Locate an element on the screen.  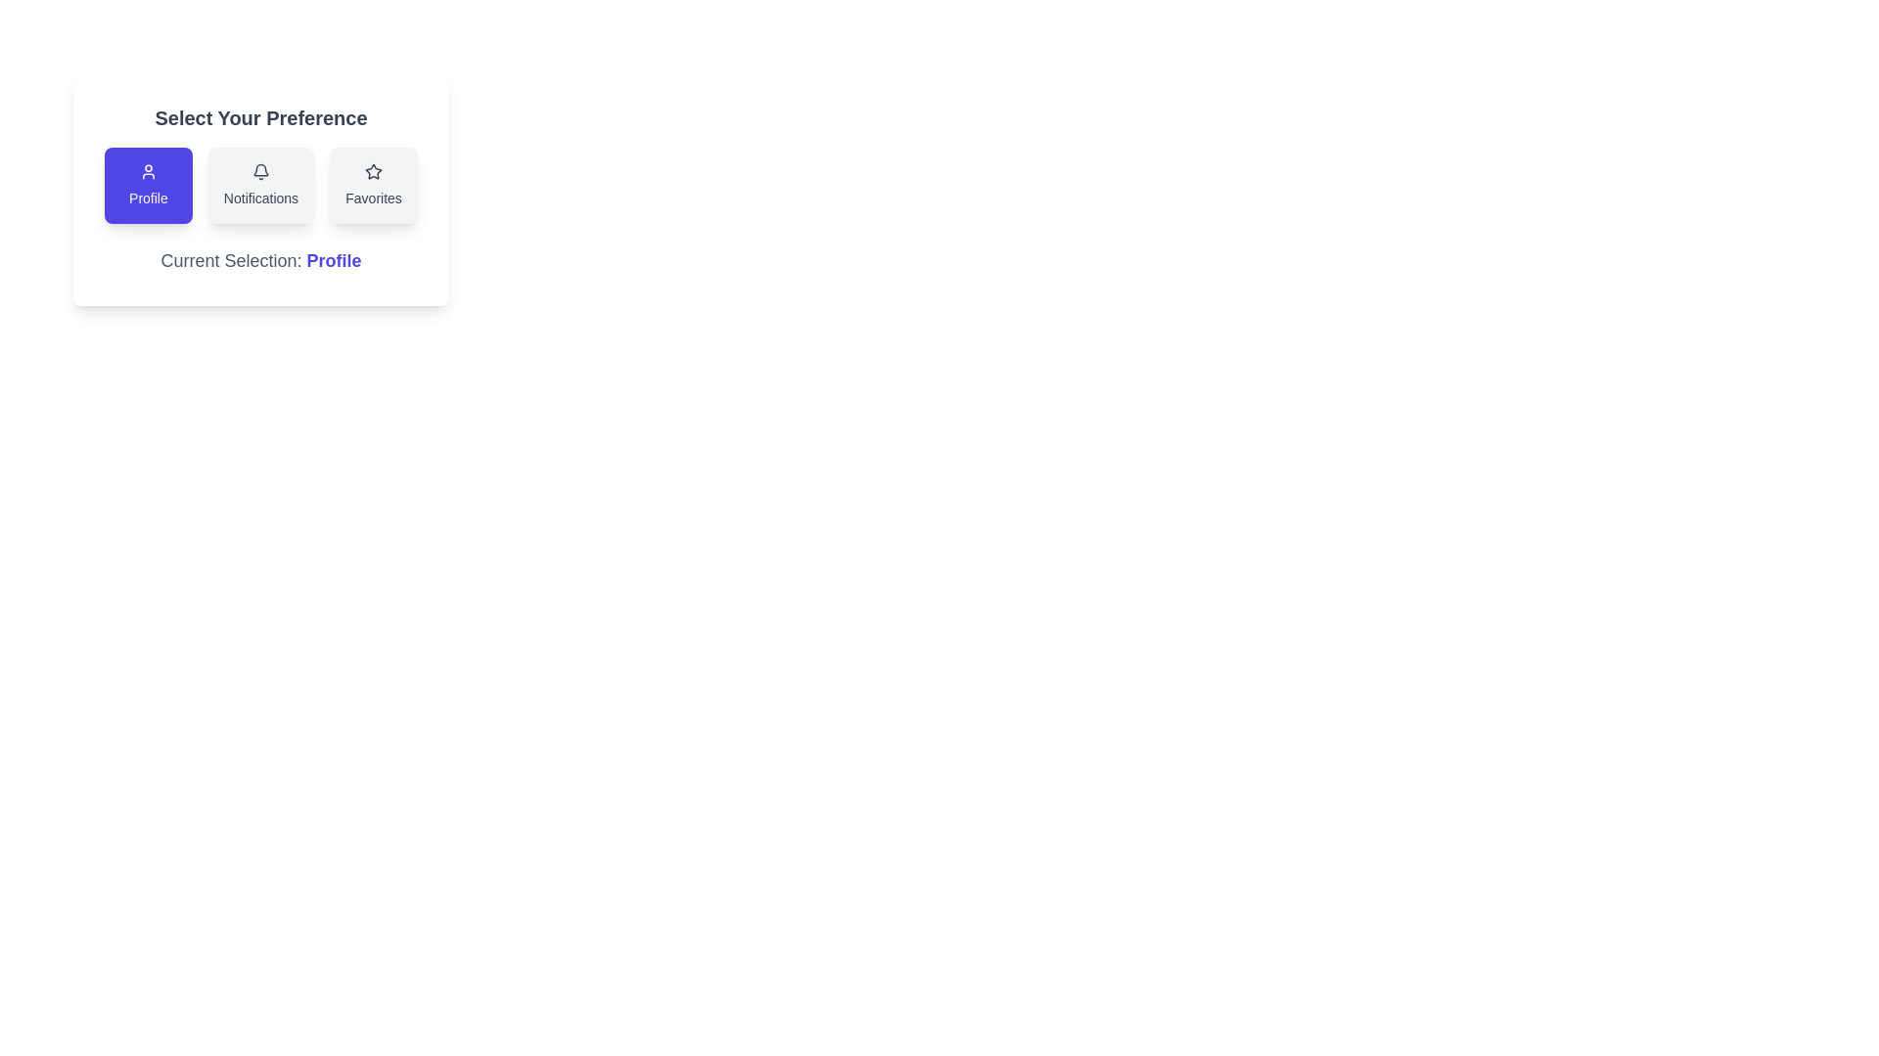
the 'Notifications' button, which is the second button in a horizontal group of three, located centrally within the component's area is located at coordinates (260, 189).